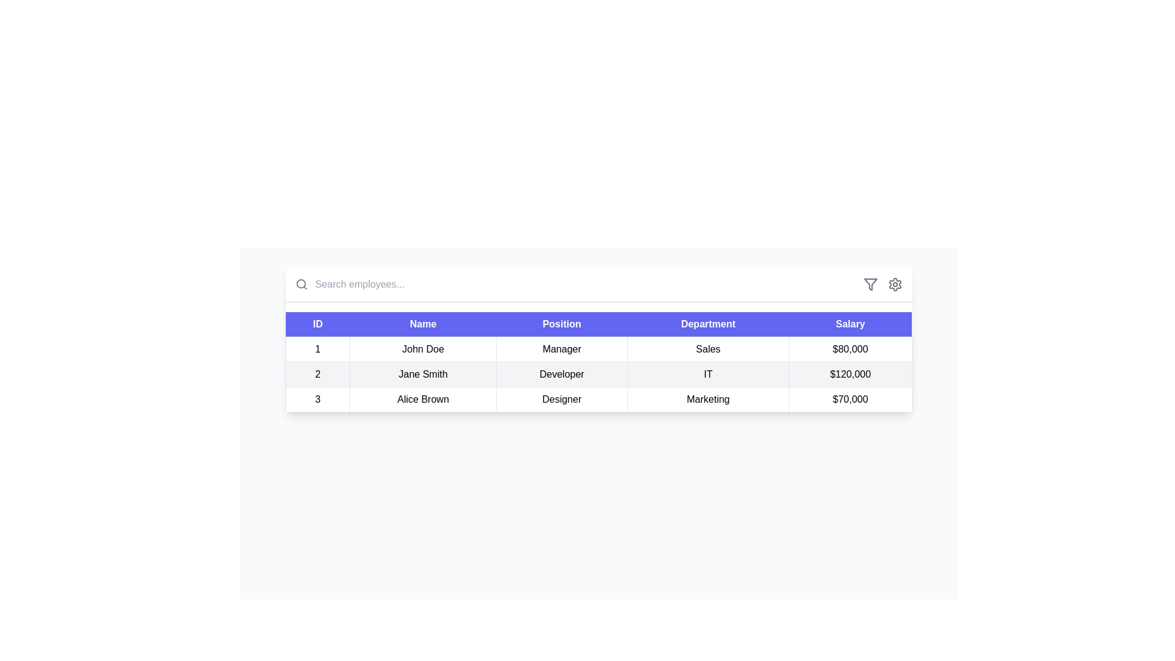 The image size is (1175, 661). I want to click on the Text Display element representing 'Jane Smith', which is located in the second cell of the second row in the table's 'Name' column, so click(423, 374).